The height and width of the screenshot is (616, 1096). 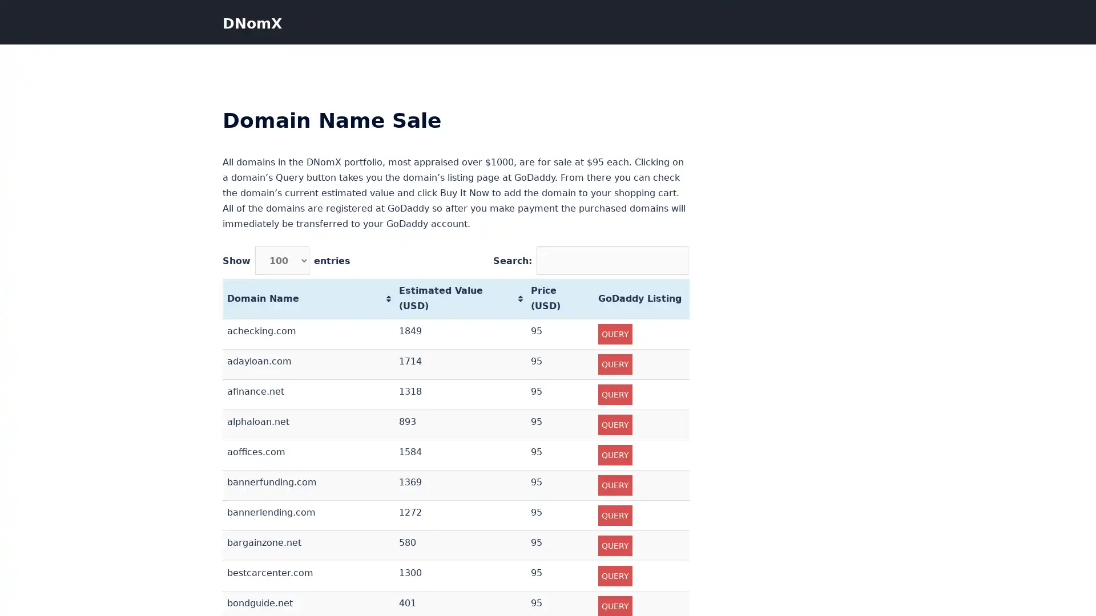 I want to click on QUERY, so click(x=614, y=455).